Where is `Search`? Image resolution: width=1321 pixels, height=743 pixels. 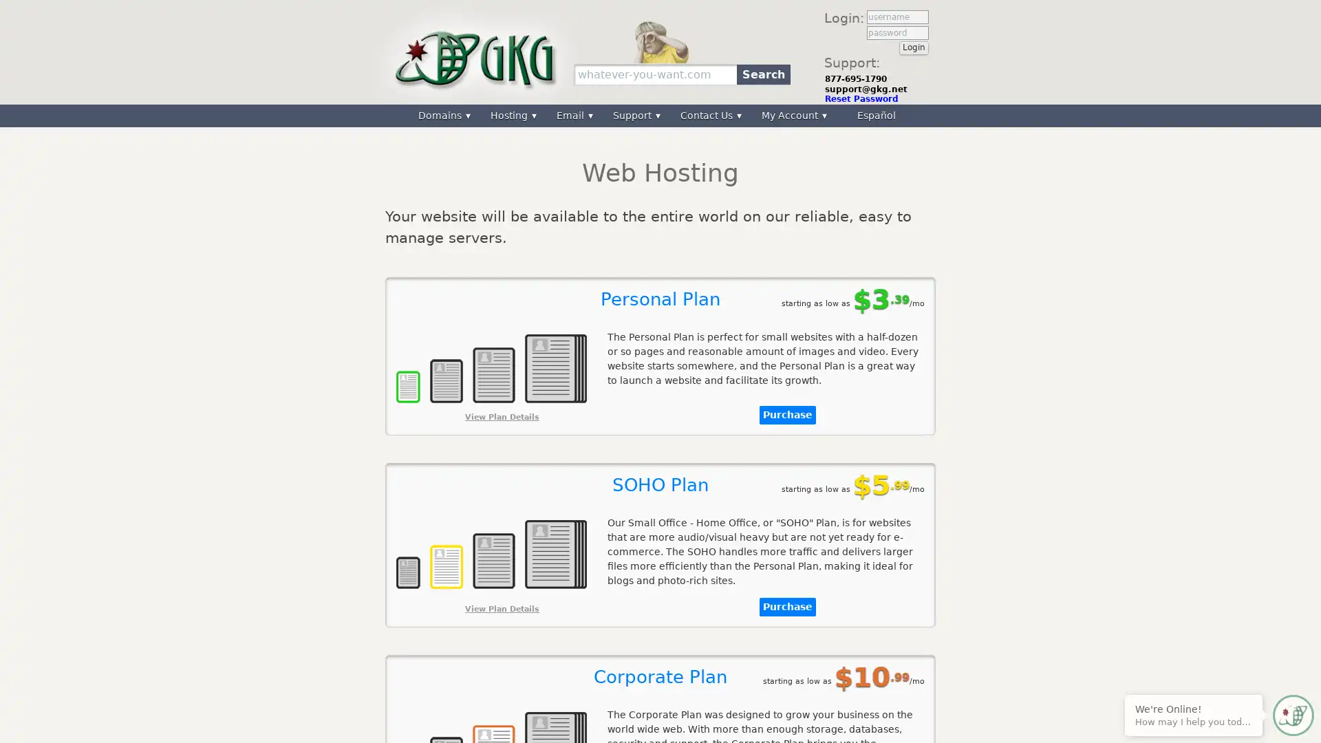
Search is located at coordinates (762, 74).